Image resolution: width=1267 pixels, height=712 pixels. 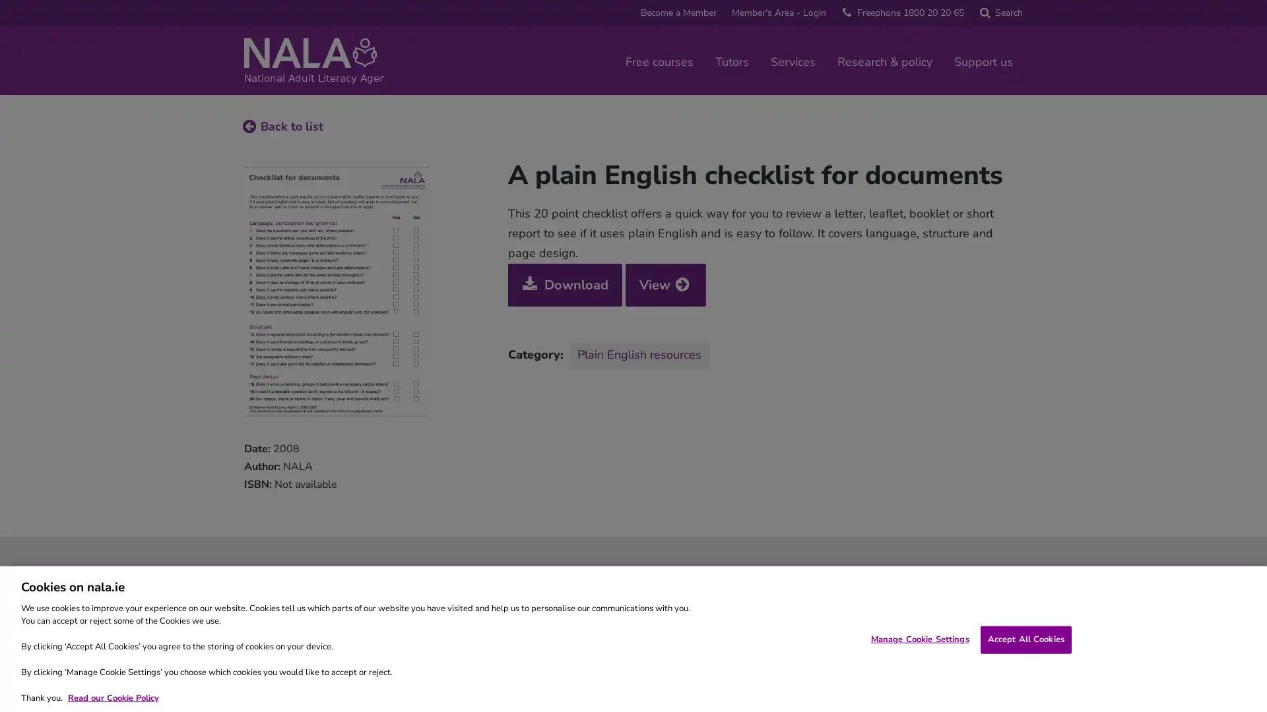 I want to click on Accept All Cookies, so click(x=1025, y=639).